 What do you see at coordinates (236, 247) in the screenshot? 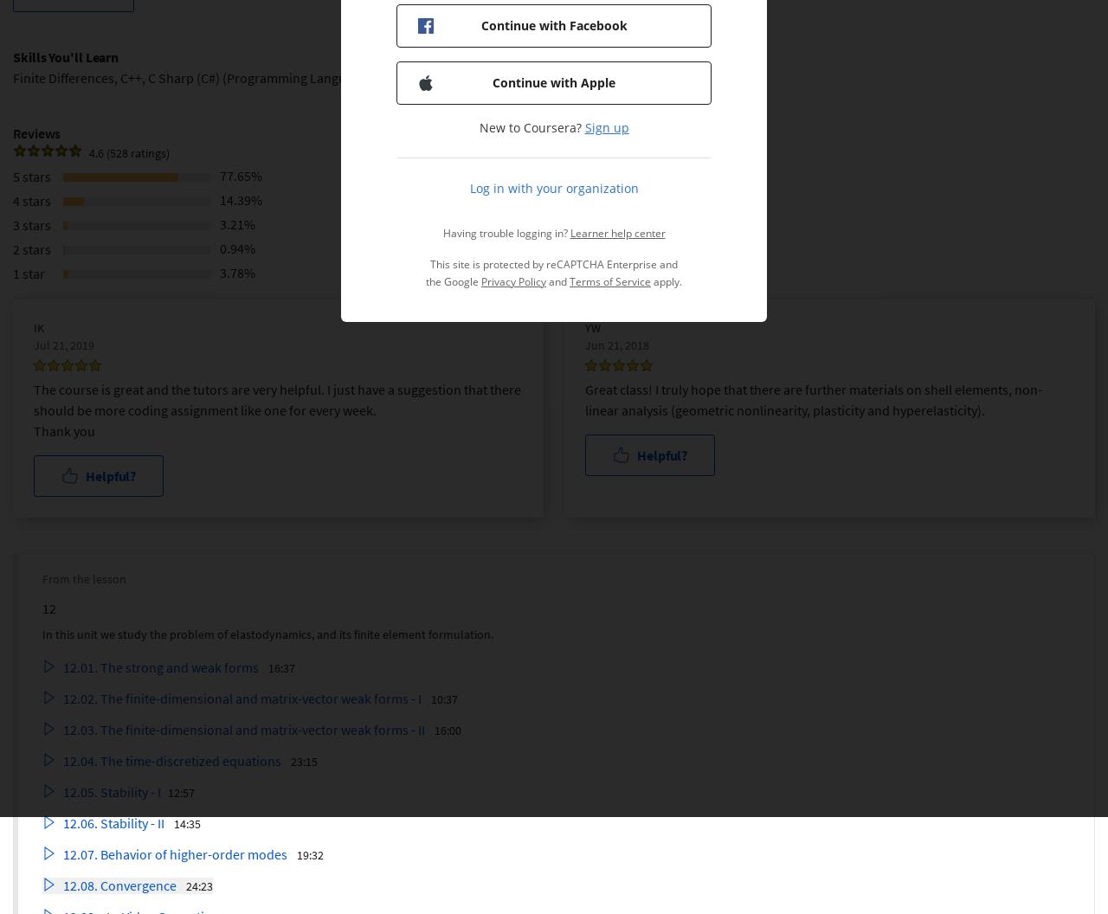
I see `'0.94%'` at bounding box center [236, 247].